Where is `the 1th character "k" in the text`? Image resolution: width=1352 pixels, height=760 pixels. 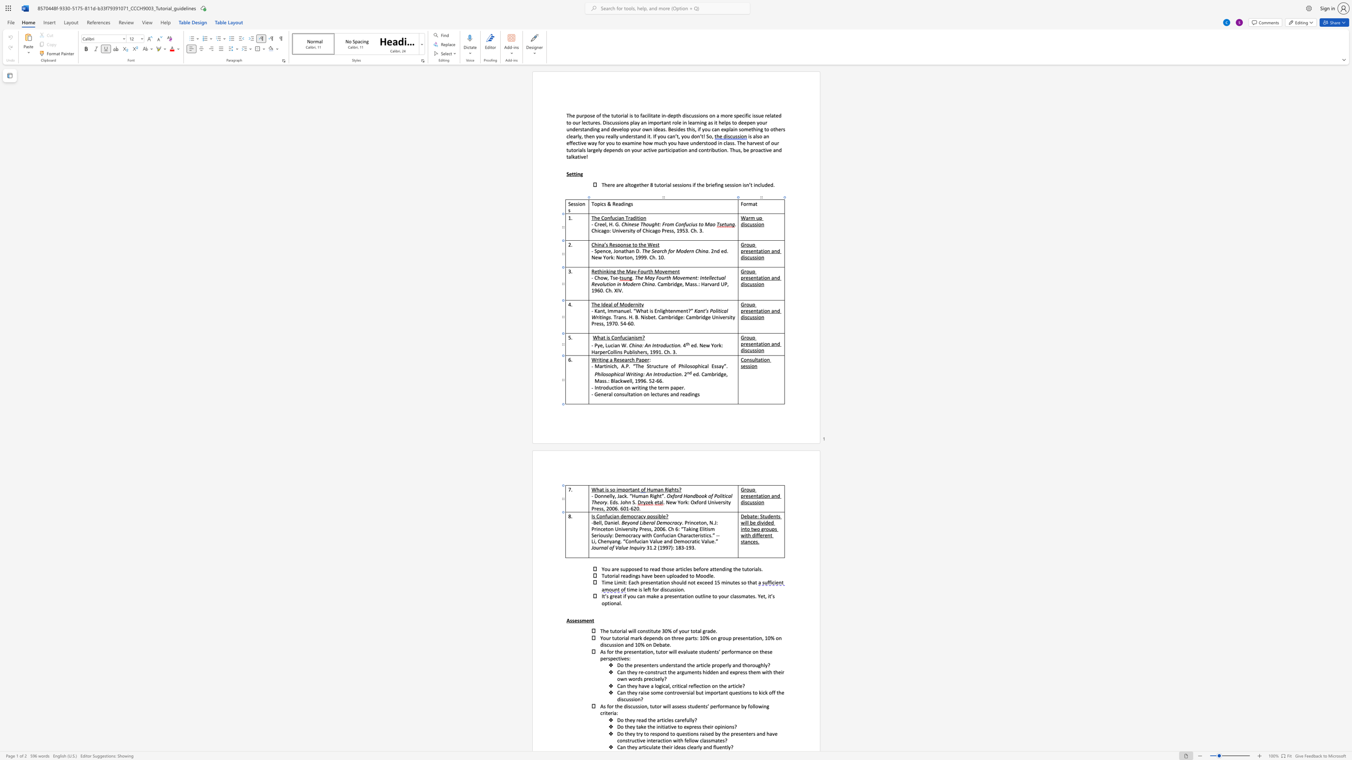 the 1th character "k" in the text is located at coordinates (705, 496).